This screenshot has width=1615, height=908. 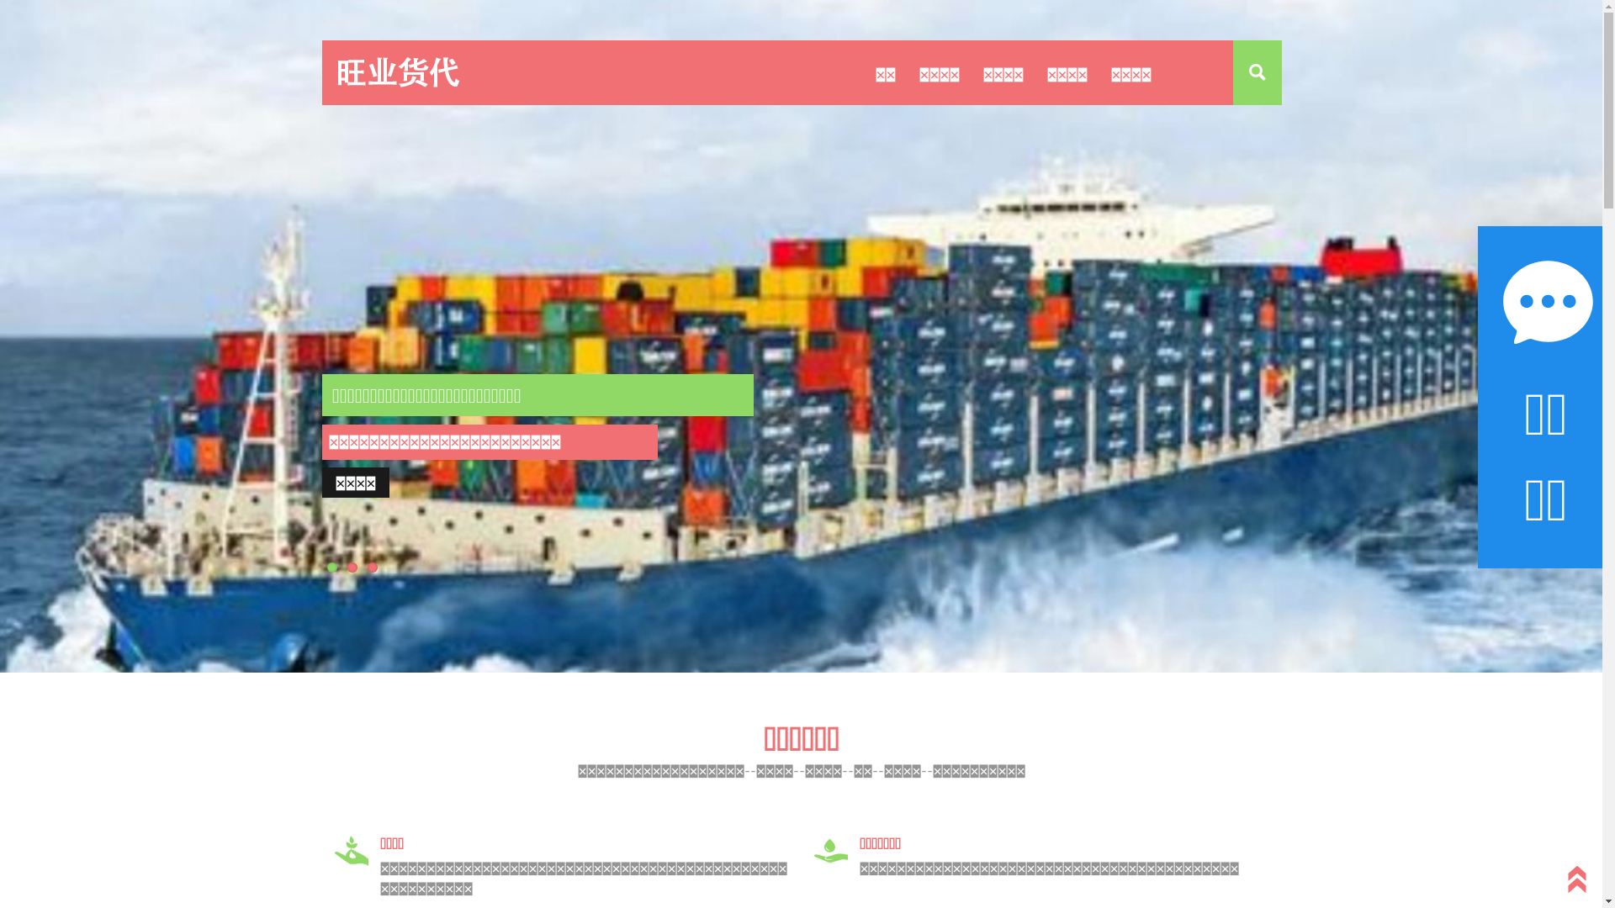 What do you see at coordinates (351, 567) in the screenshot?
I see `'2'` at bounding box center [351, 567].